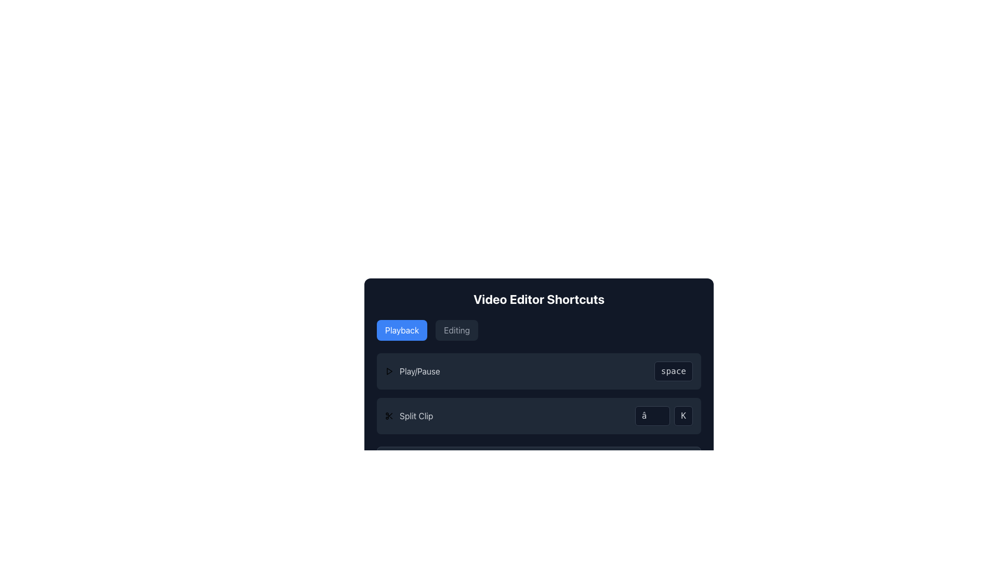  I want to click on the 'Split Clip' action row in the 'Video Editor Shortcuts' section, so click(539, 416).